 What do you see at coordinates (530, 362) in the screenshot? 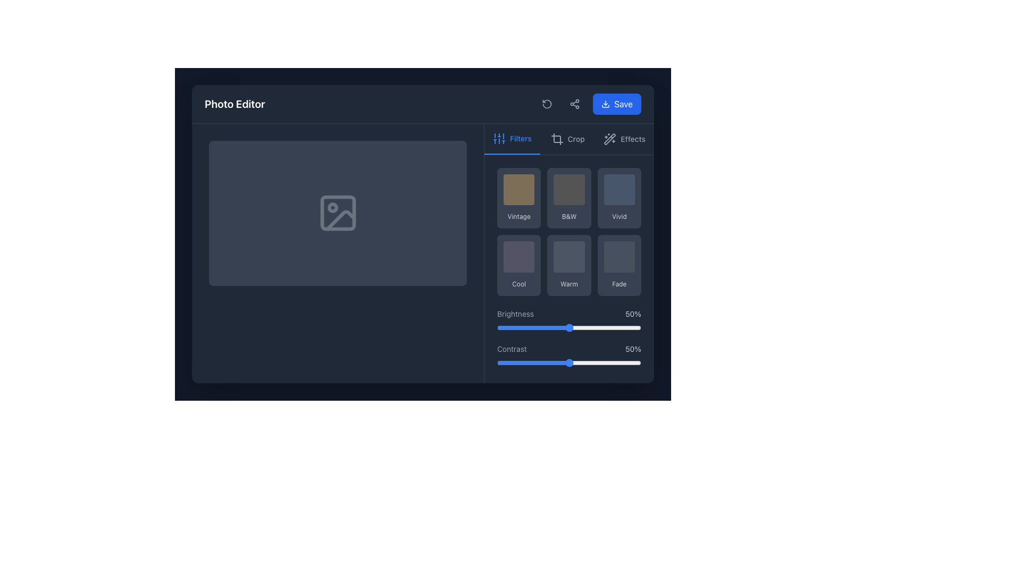
I see `the contrast` at bounding box center [530, 362].